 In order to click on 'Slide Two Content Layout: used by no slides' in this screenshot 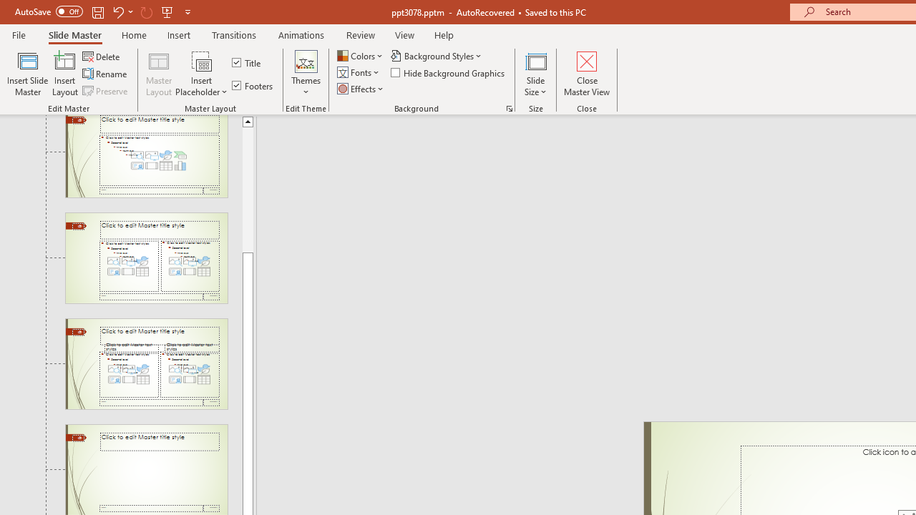, I will do `click(146, 258)`.